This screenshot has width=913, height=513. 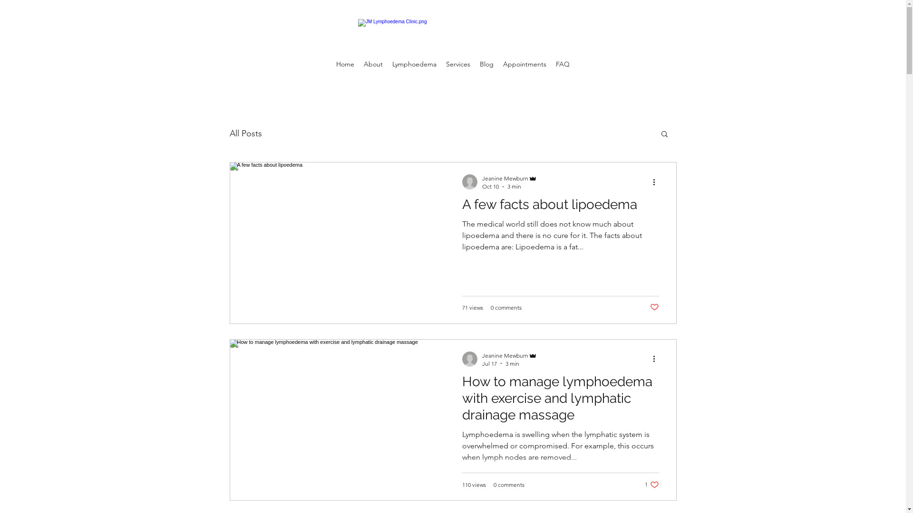 What do you see at coordinates (331, 64) in the screenshot?
I see `'Home'` at bounding box center [331, 64].